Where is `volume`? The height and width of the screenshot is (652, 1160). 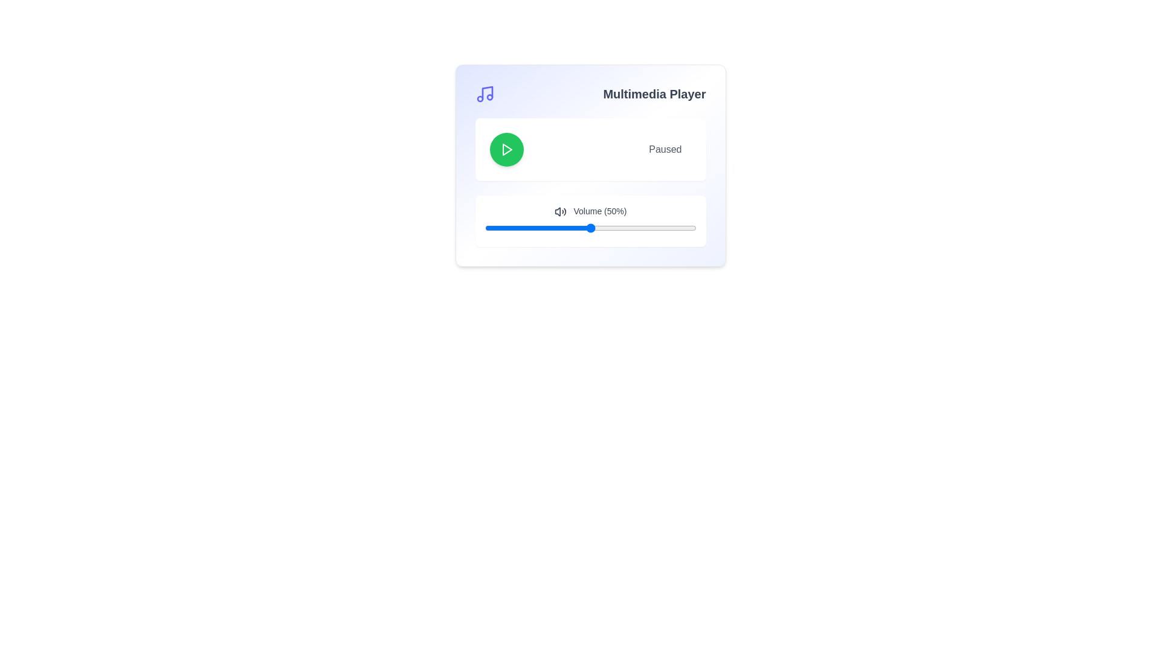 volume is located at coordinates (485, 228).